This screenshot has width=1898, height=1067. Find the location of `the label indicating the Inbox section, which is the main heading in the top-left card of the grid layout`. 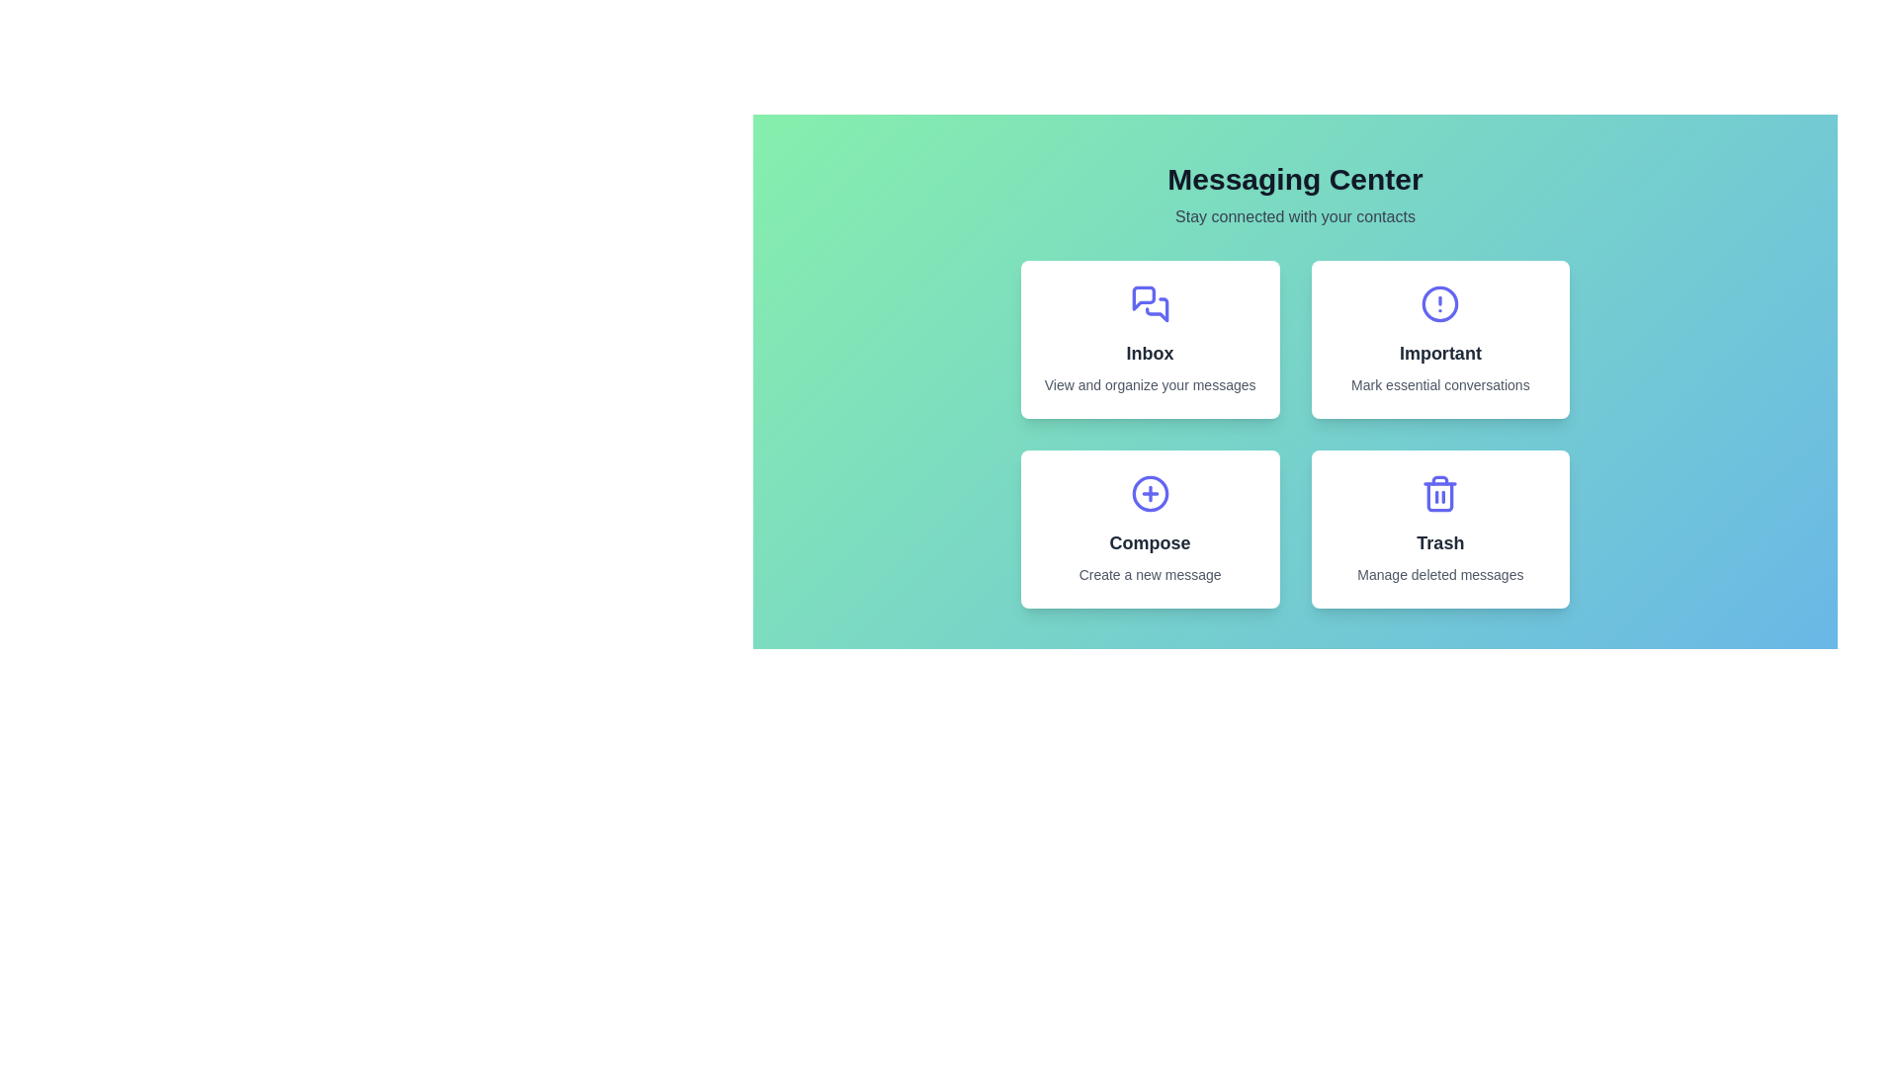

the label indicating the Inbox section, which is the main heading in the top-left card of the grid layout is located at coordinates (1150, 353).